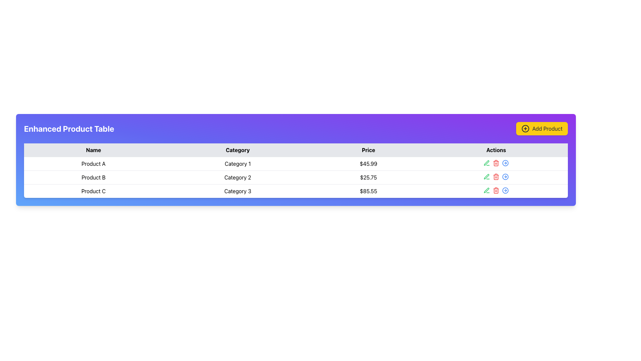 The height and width of the screenshot is (361, 641). Describe the element at coordinates (368, 163) in the screenshot. I see `the Text Label displaying the price of 'Product A' in the third column of the table` at that location.